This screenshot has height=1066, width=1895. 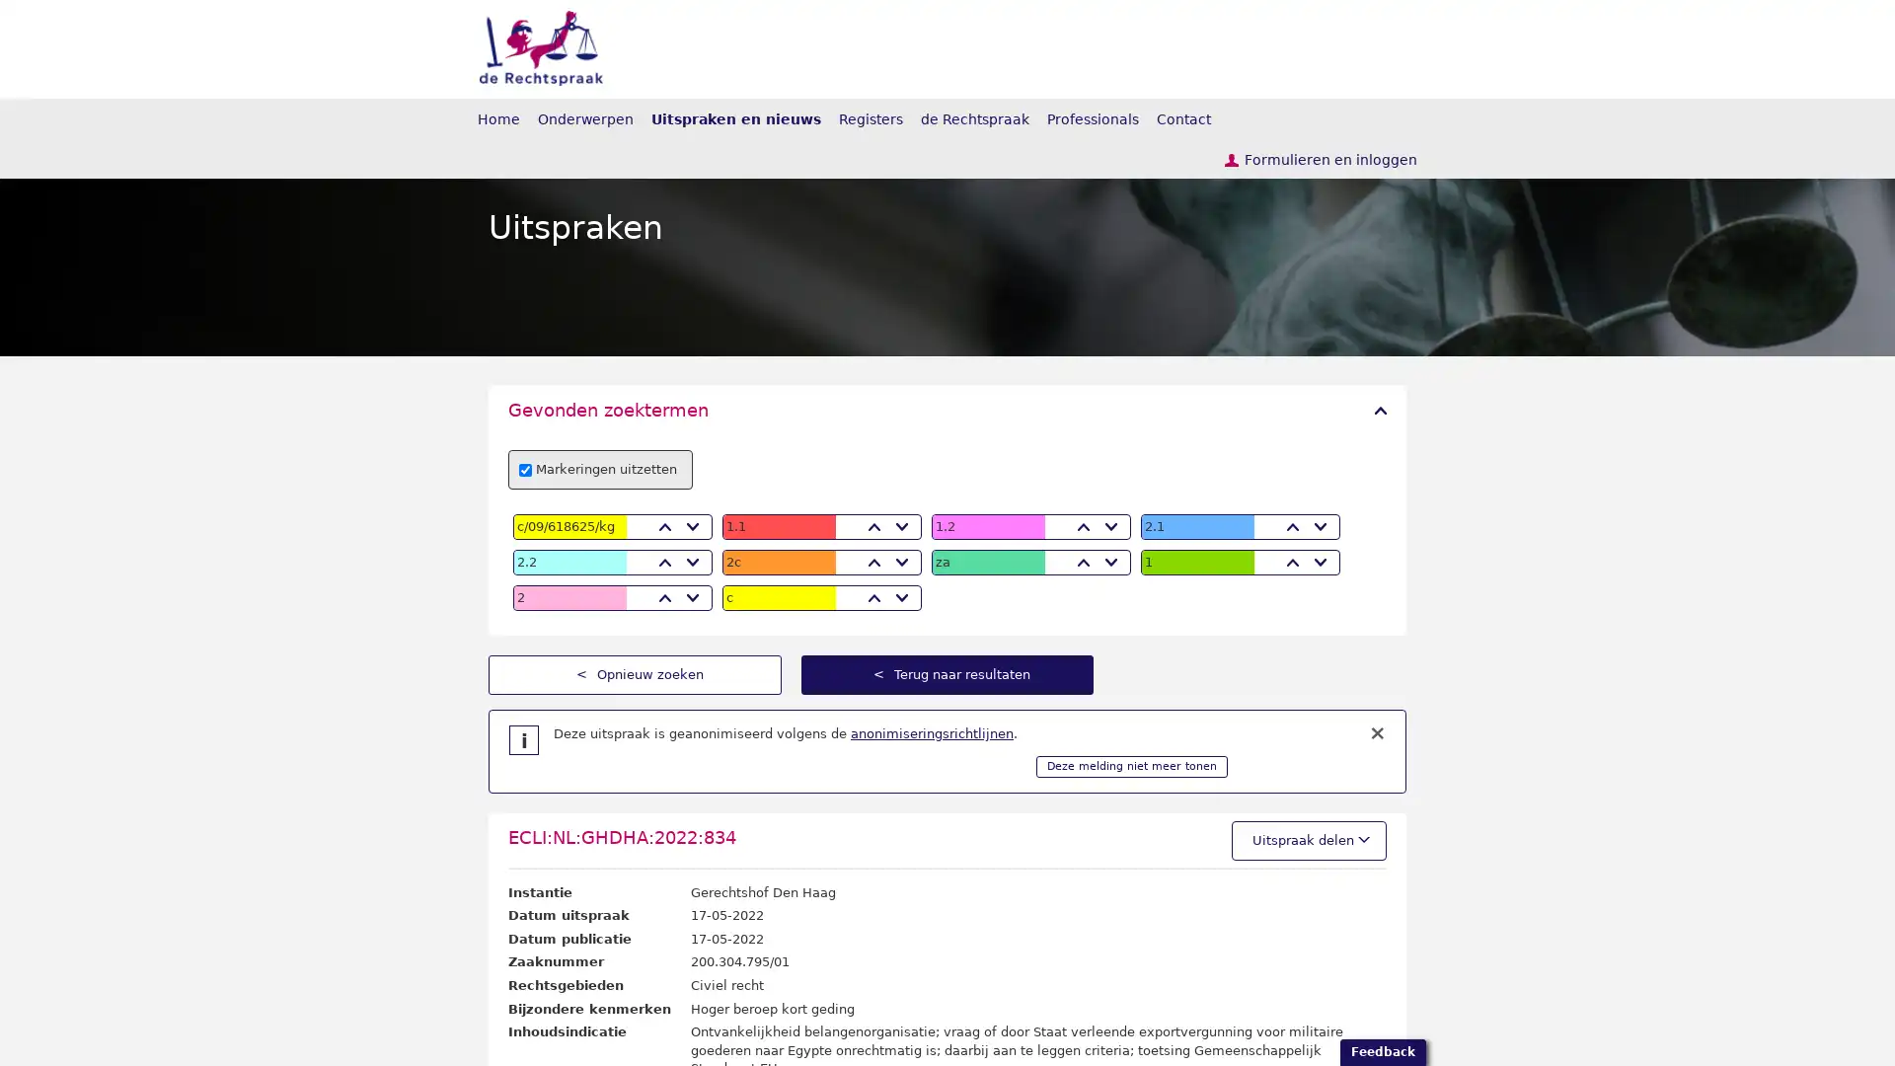 What do you see at coordinates (1083, 524) in the screenshot?
I see `Vorige zoek term` at bounding box center [1083, 524].